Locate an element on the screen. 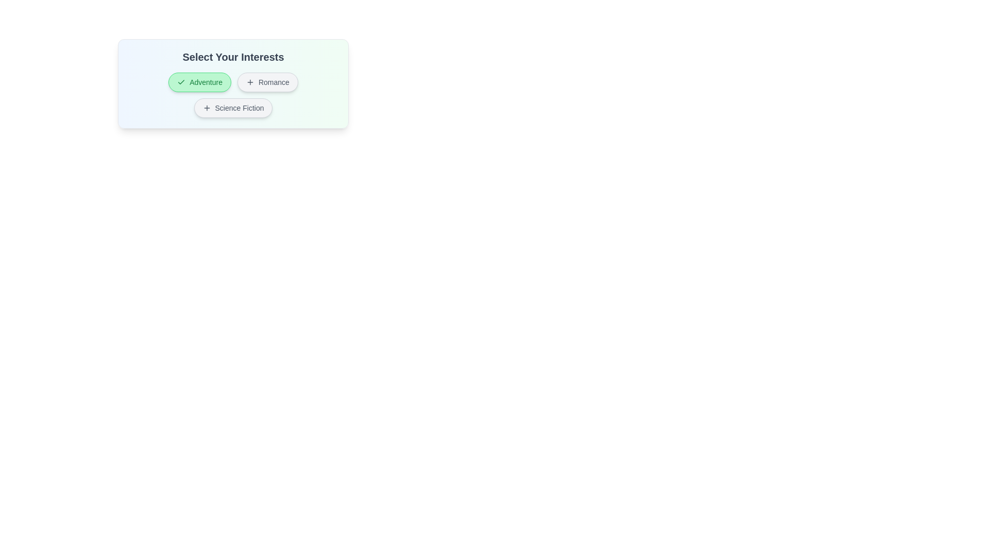 This screenshot has width=989, height=556. the chip labeled Adventure is located at coordinates (200, 81).